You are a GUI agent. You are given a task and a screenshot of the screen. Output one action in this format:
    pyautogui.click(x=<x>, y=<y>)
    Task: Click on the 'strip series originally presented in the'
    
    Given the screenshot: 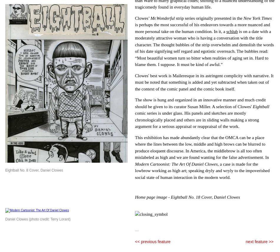 What is the action you would take?
    pyautogui.click(x=209, y=17)
    